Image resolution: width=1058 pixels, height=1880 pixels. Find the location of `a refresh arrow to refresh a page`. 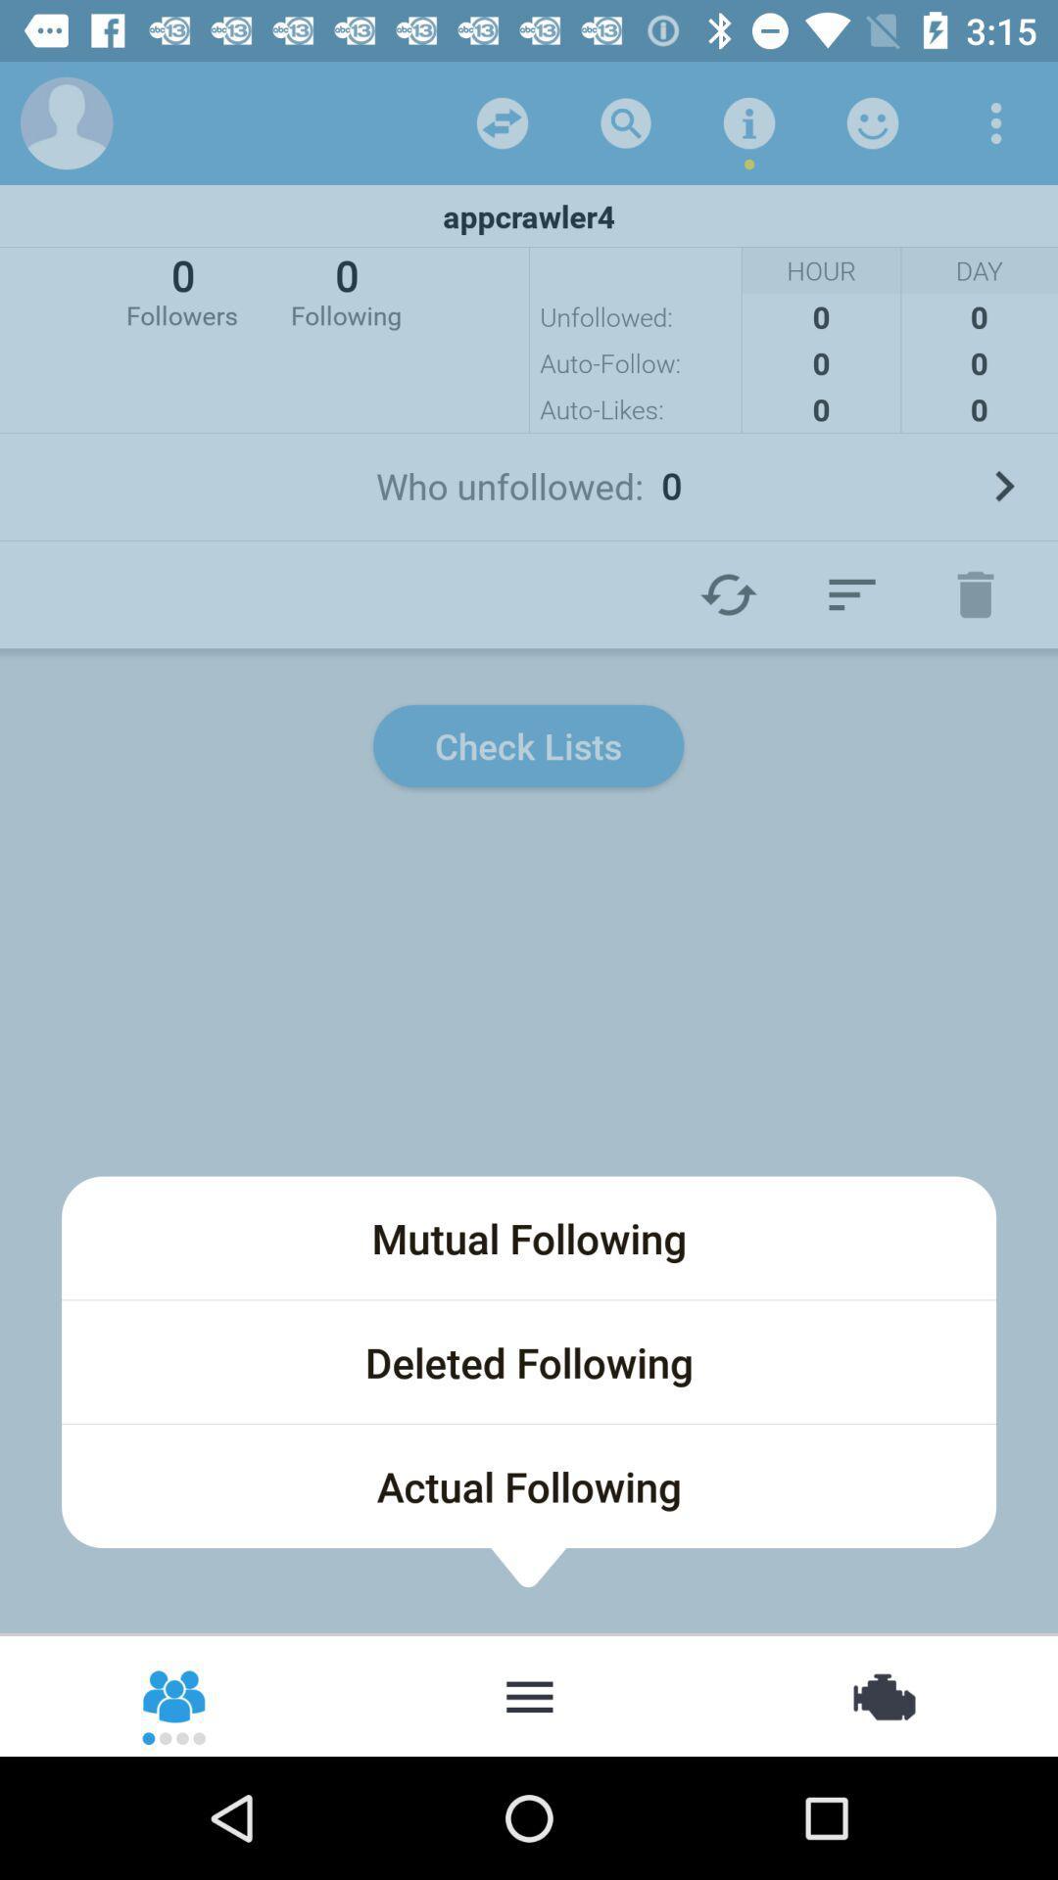

a refresh arrow to refresh a page is located at coordinates (729, 593).